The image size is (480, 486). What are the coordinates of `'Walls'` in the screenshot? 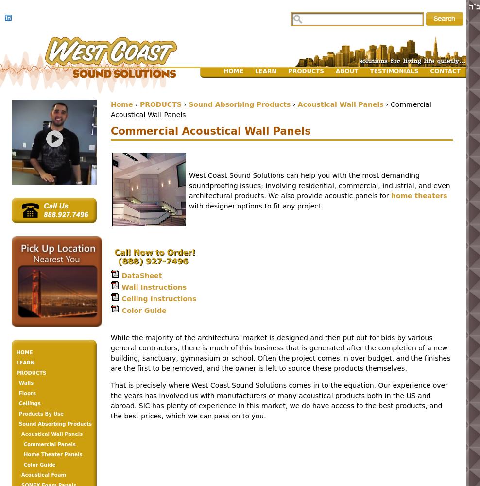 It's located at (26, 383).